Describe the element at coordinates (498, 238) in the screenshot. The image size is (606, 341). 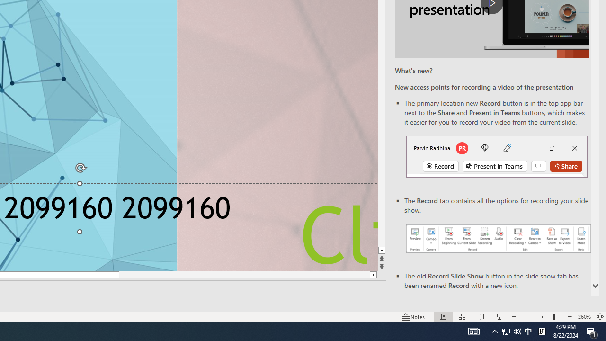
I see `'Record your presentations screenshot one'` at that location.